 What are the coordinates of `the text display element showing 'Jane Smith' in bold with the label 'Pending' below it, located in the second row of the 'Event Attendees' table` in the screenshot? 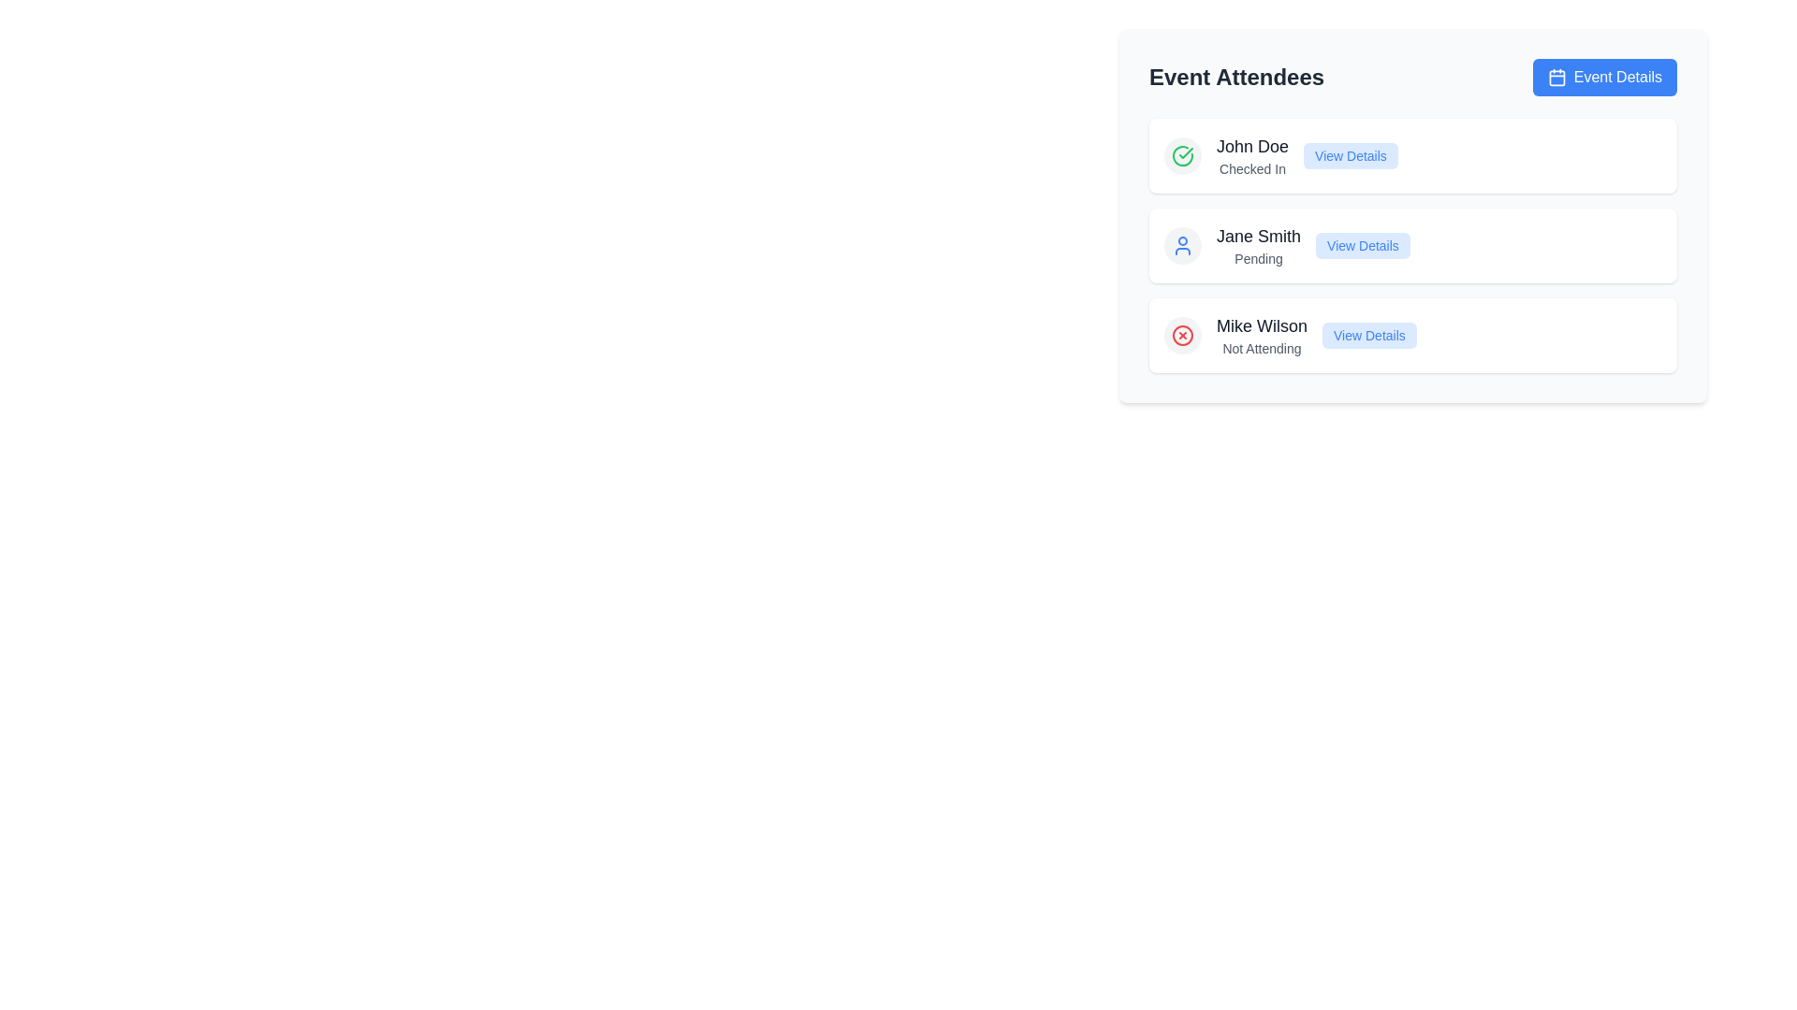 It's located at (1258, 244).